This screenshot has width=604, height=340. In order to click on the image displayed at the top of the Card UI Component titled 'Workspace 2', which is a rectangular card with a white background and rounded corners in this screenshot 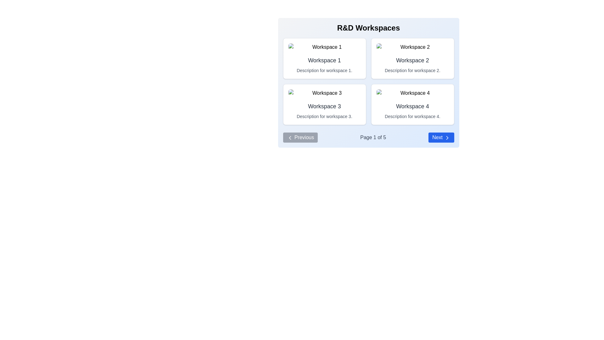, I will do `click(412, 58)`.